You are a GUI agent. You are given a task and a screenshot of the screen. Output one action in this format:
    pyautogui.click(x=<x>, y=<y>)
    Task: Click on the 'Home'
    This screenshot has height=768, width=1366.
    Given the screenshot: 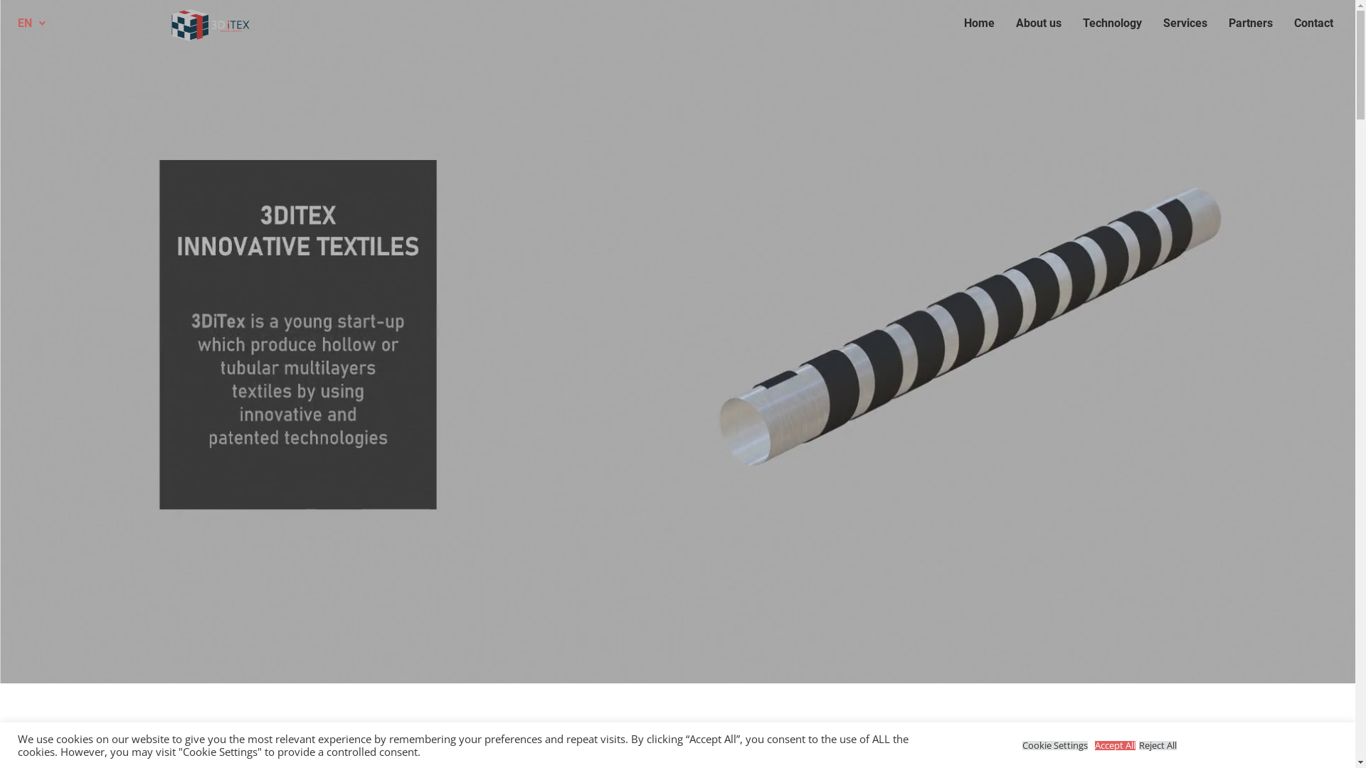 What is the action you would take?
    pyautogui.click(x=978, y=23)
    